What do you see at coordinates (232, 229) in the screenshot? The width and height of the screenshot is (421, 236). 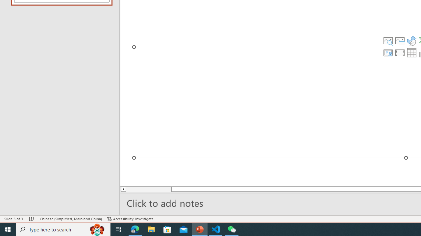 I see `'WeChat - 1 running window'` at bounding box center [232, 229].